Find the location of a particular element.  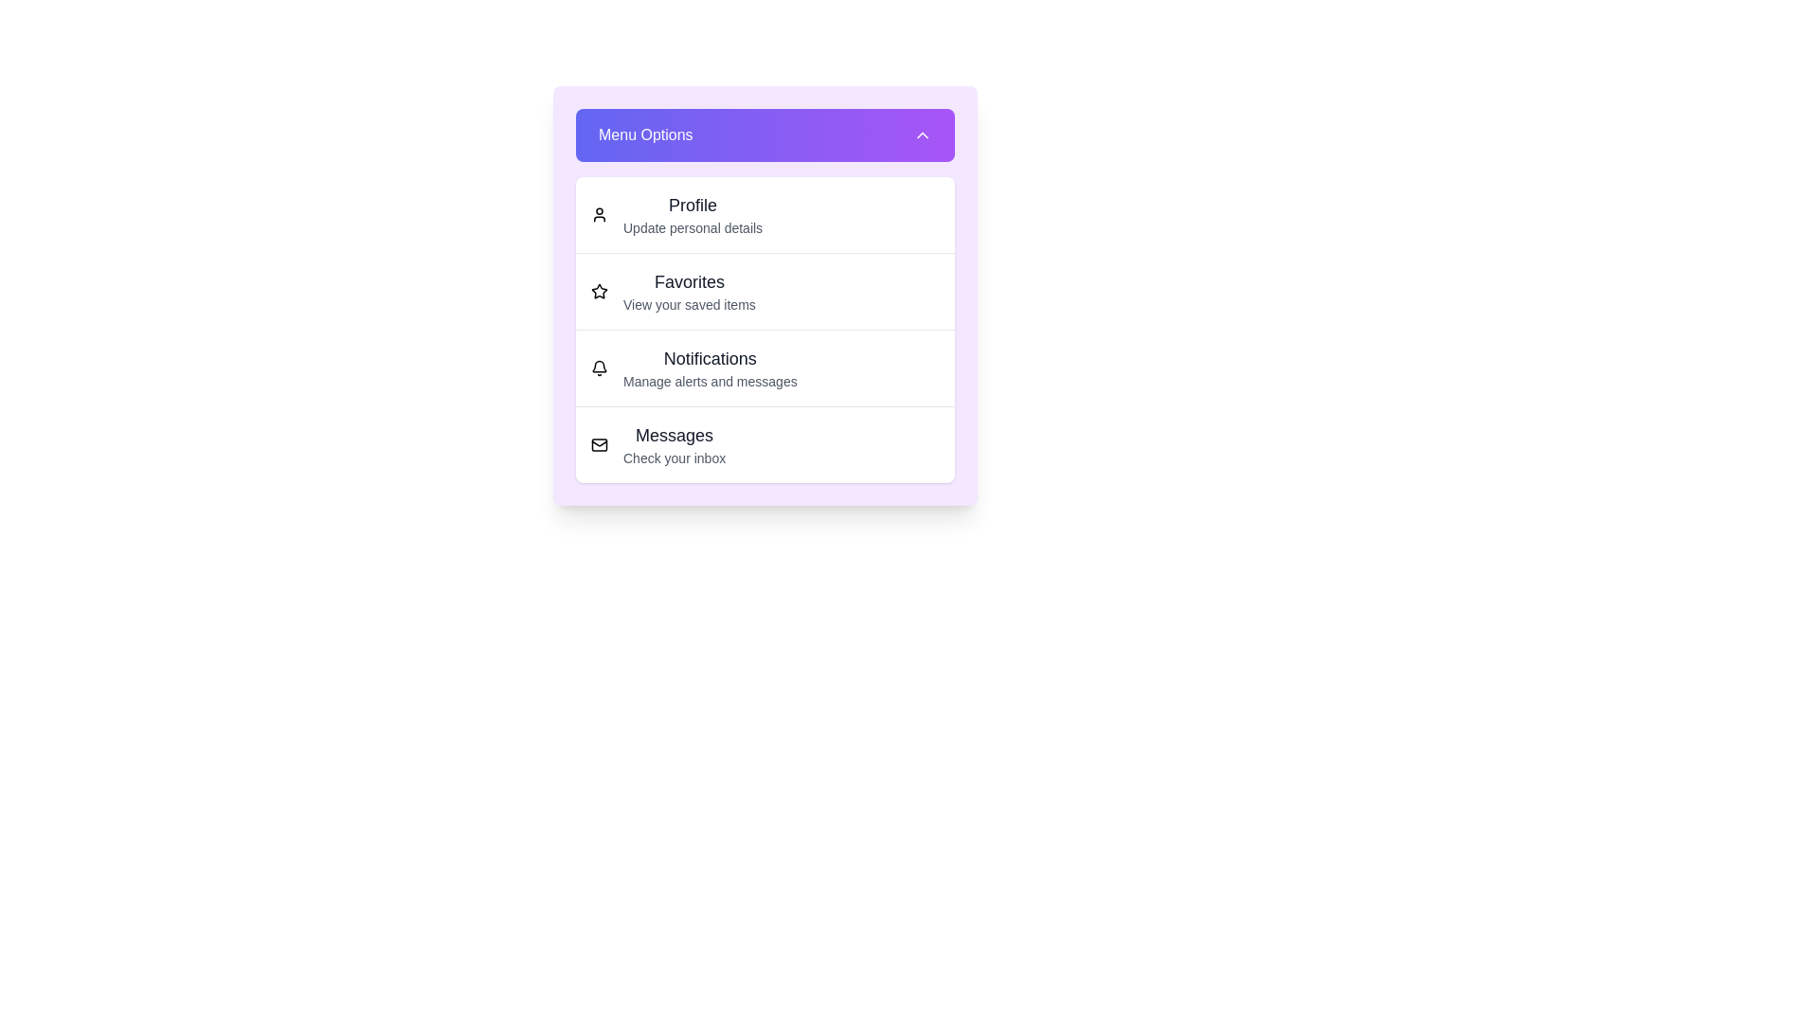

the menu item corresponding to Notifications is located at coordinates (599, 368).